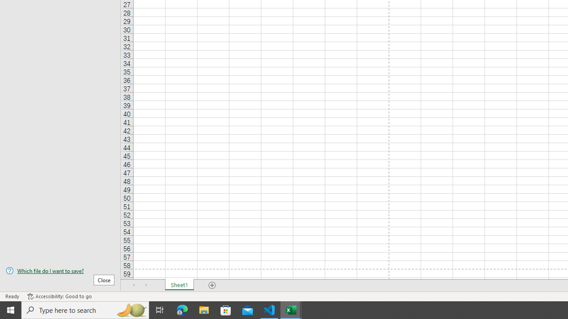 Image resolution: width=568 pixels, height=319 pixels. What do you see at coordinates (212, 285) in the screenshot?
I see `'Add Sheet'` at bounding box center [212, 285].